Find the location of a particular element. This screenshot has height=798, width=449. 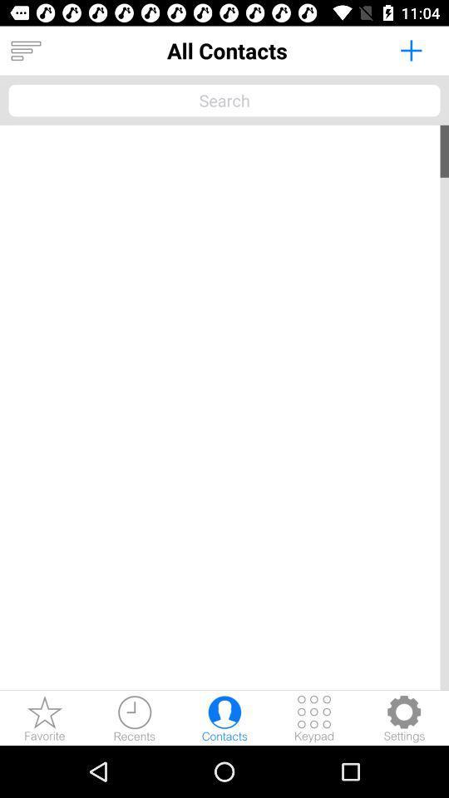

see recent is located at coordinates (134, 717).